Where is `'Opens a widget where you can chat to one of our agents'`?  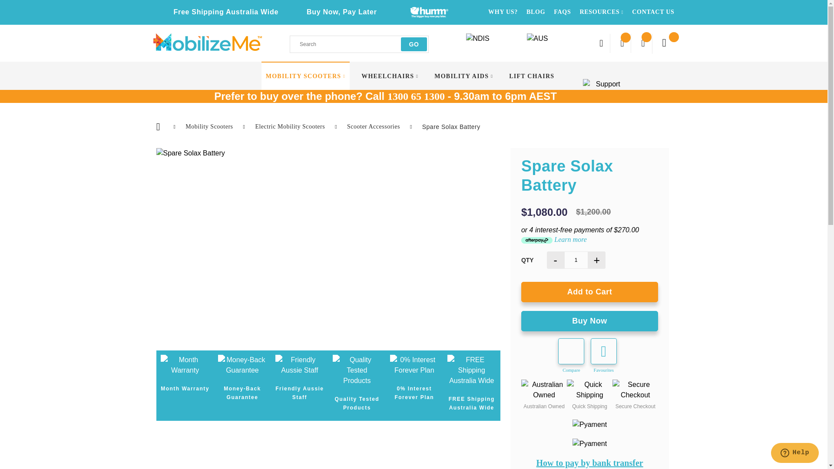
'Opens a widget where you can chat to one of our agents' is located at coordinates (794, 453).